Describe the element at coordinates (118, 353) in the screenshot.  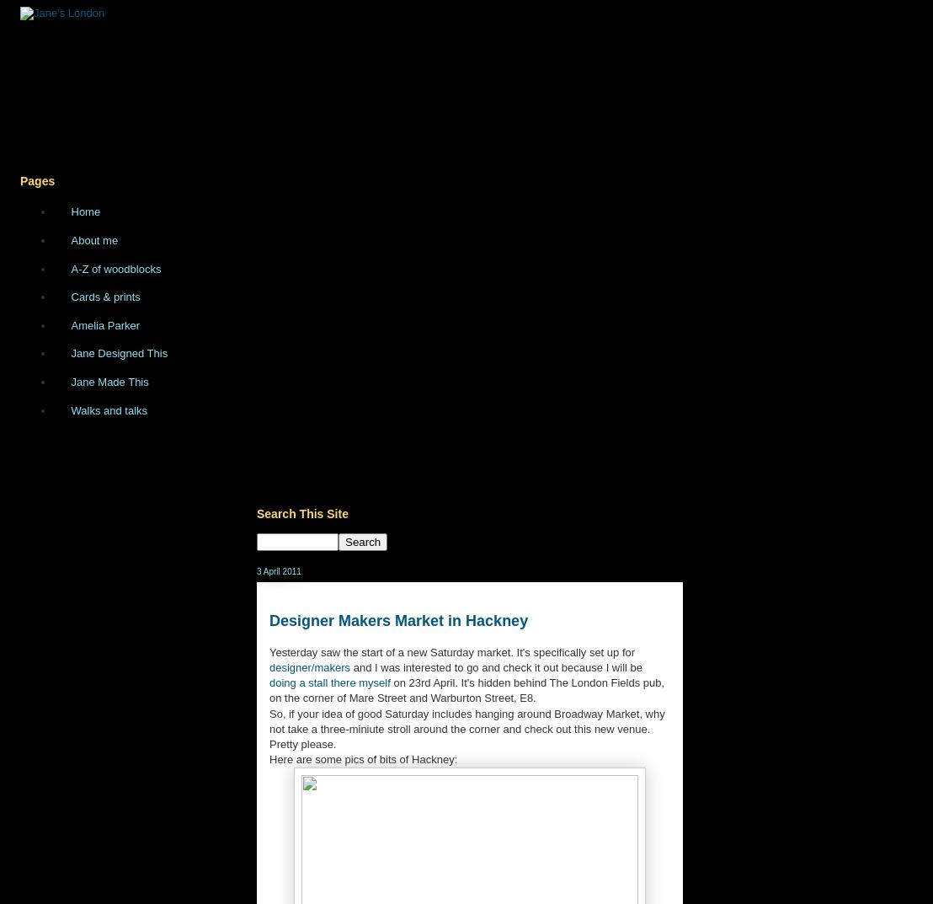
I see `'Jane Designed This'` at that location.